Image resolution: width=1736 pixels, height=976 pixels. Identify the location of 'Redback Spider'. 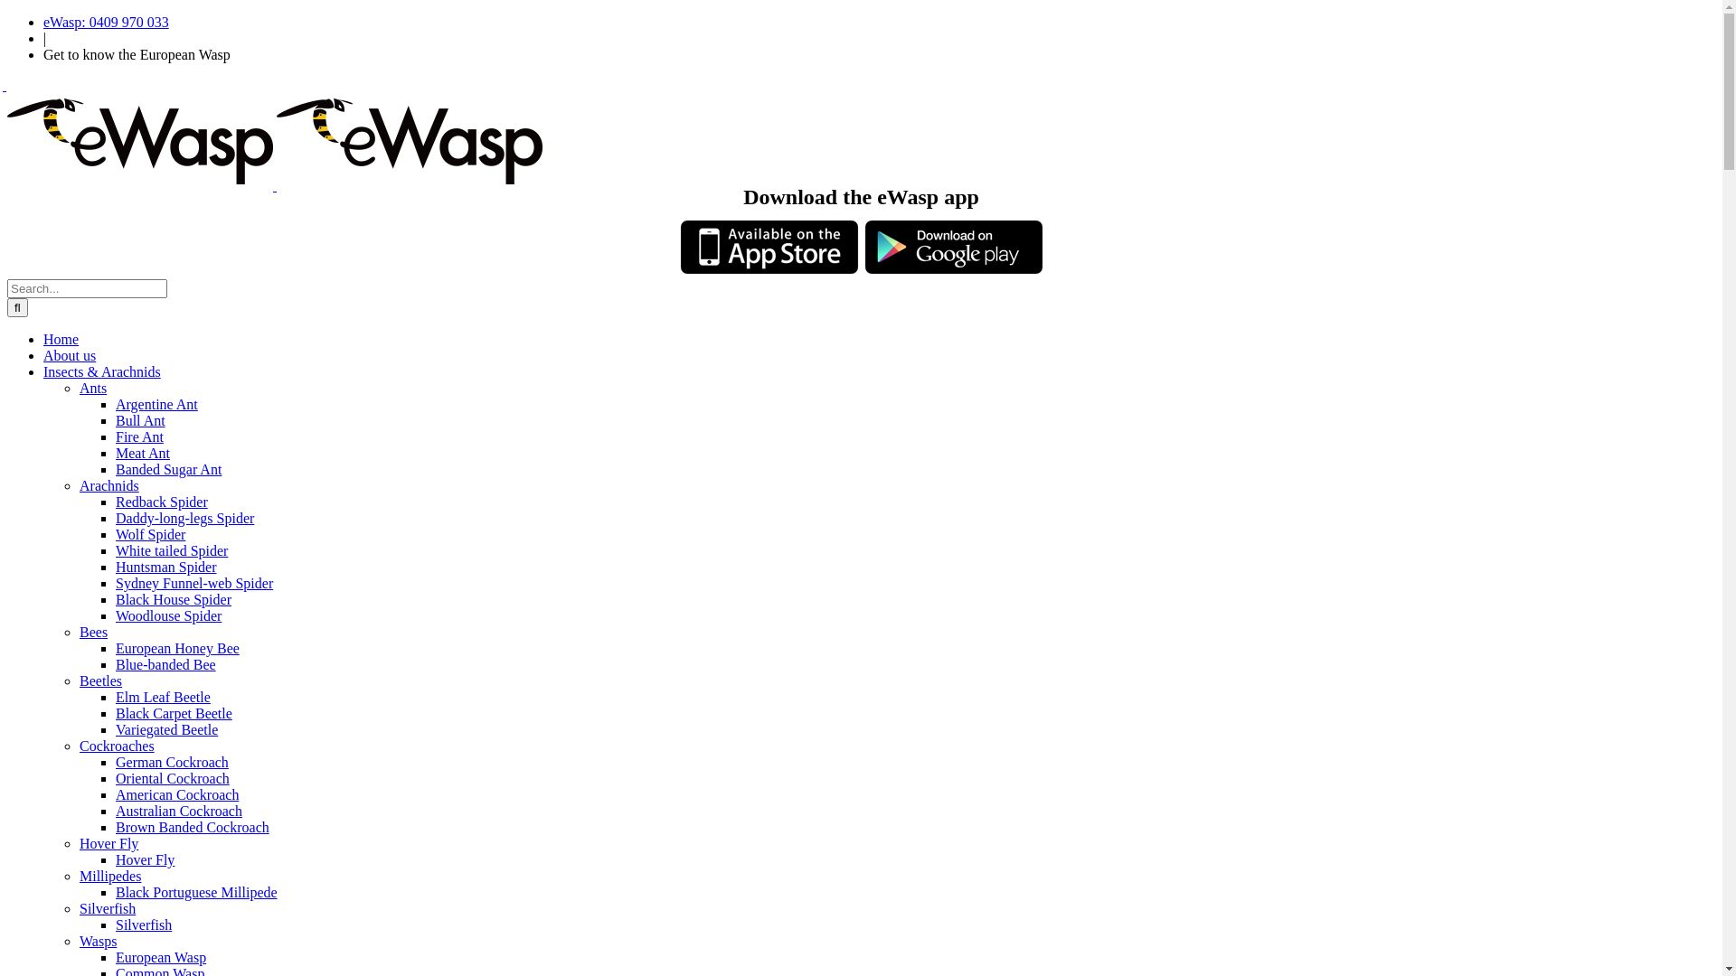
(115, 502).